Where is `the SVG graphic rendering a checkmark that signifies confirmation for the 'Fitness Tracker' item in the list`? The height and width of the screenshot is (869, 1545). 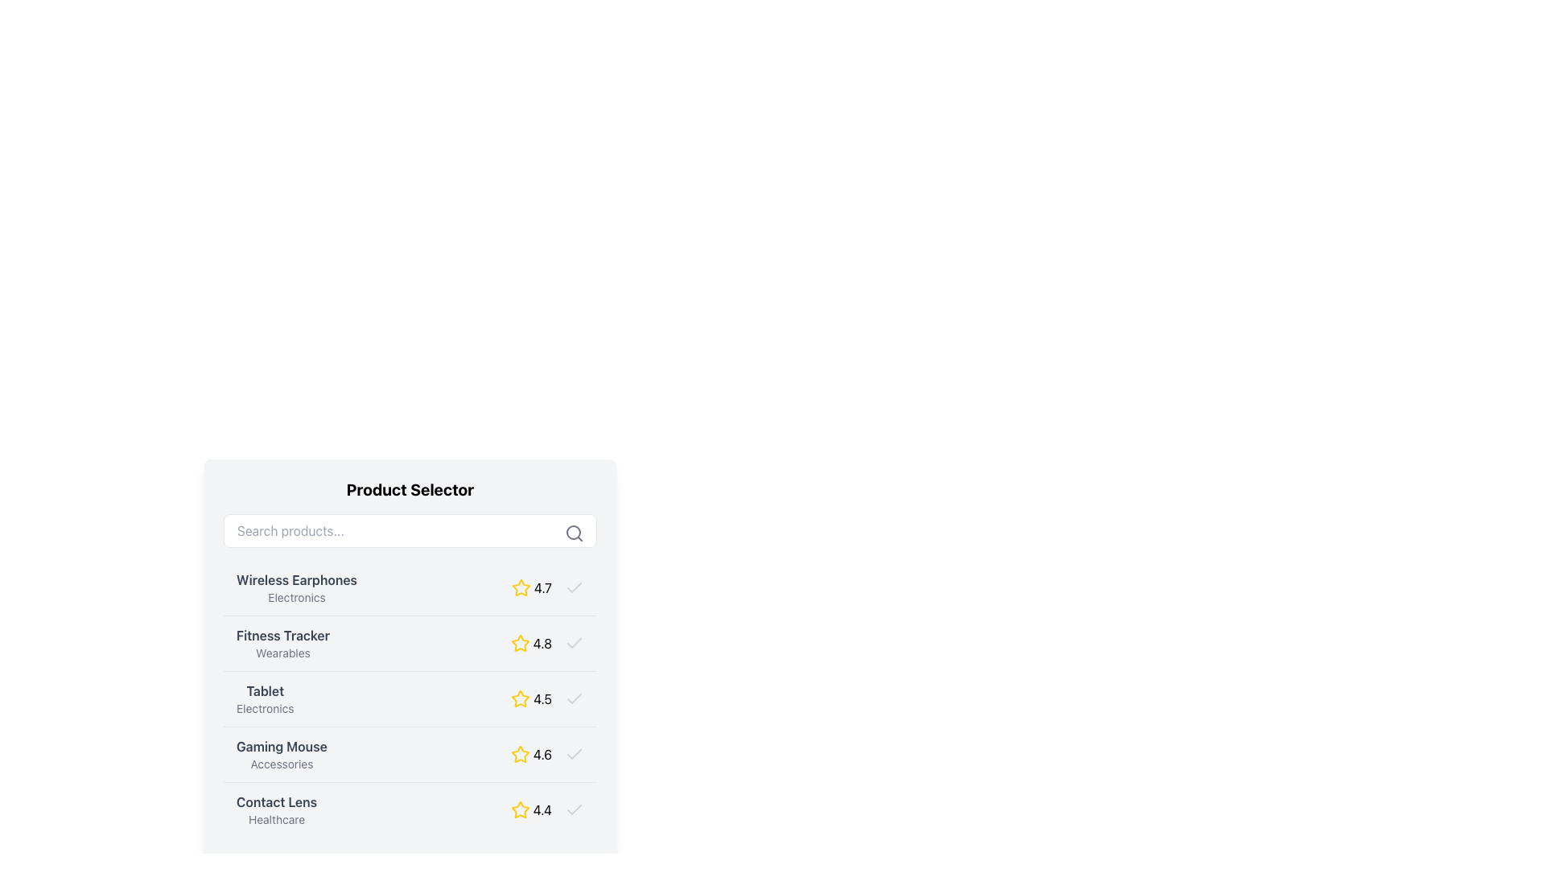 the SVG graphic rendering a checkmark that signifies confirmation for the 'Fitness Tracker' item in the list is located at coordinates (575, 641).